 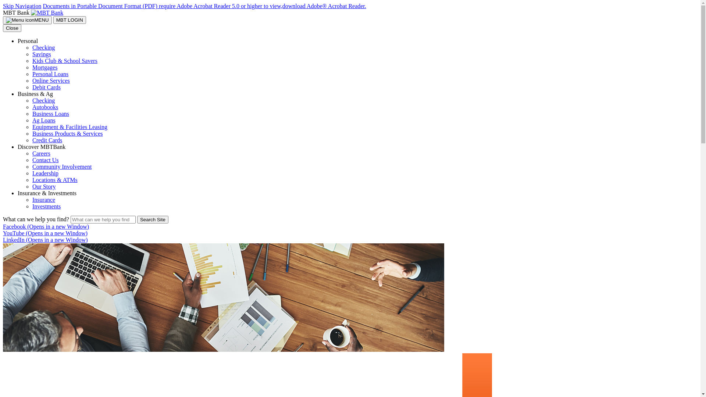 I want to click on 'YouTube (Opens in a new Window)', so click(x=3, y=233).